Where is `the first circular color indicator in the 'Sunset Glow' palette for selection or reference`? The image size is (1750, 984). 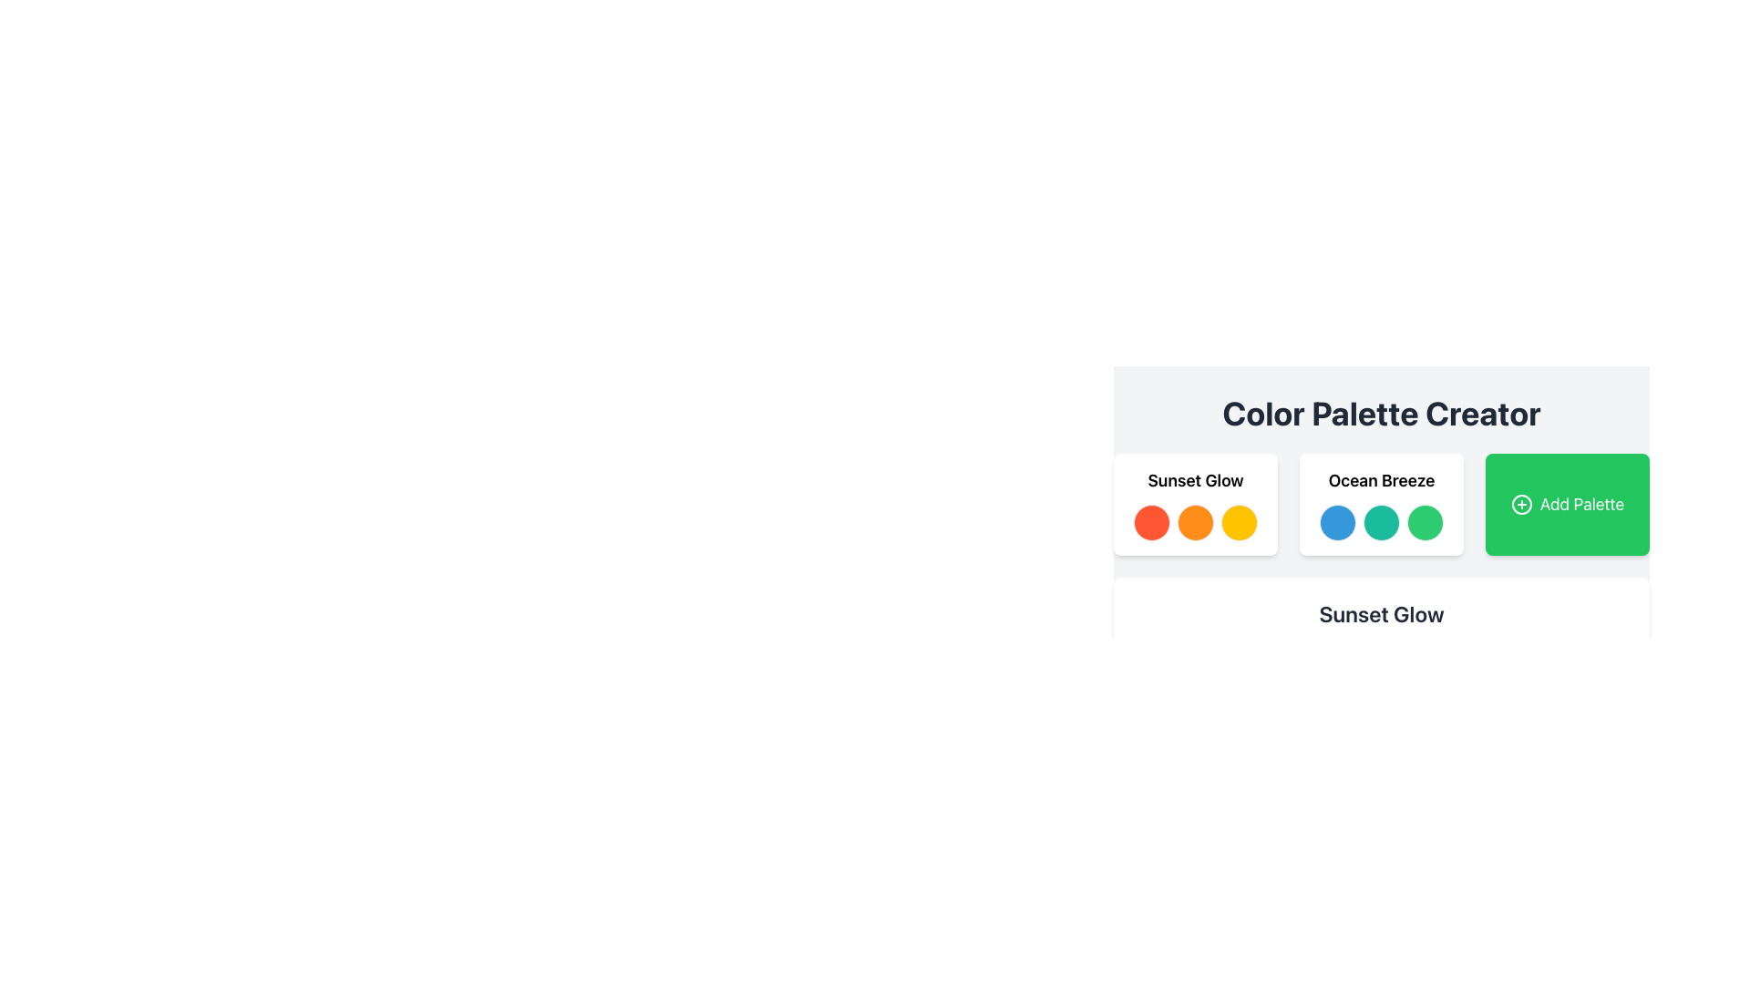 the first circular color indicator in the 'Sunset Glow' palette for selection or reference is located at coordinates (1150, 523).